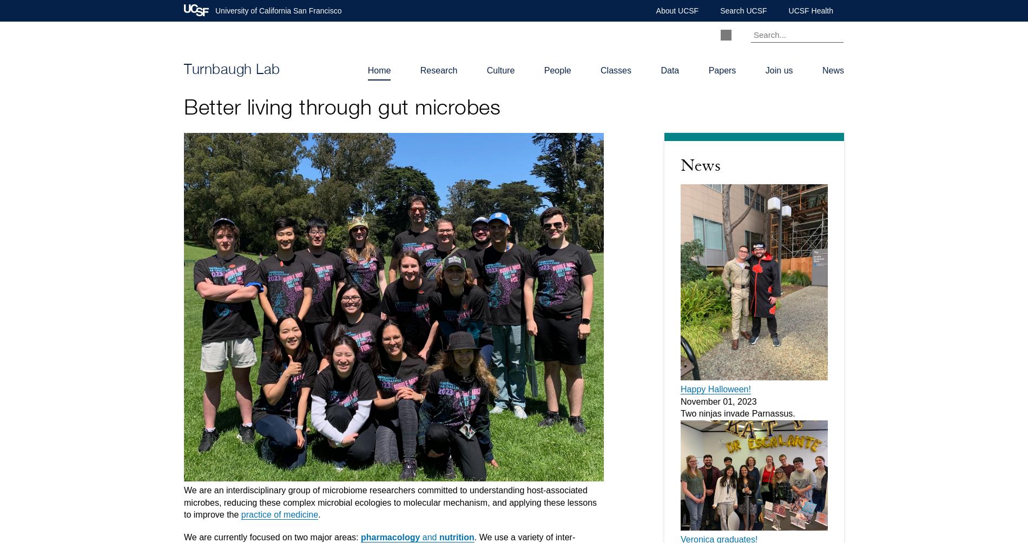 Image resolution: width=1028 pixels, height=543 pixels. What do you see at coordinates (419, 537) in the screenshot?
I see `'and'` at bounding box center [419, 537].